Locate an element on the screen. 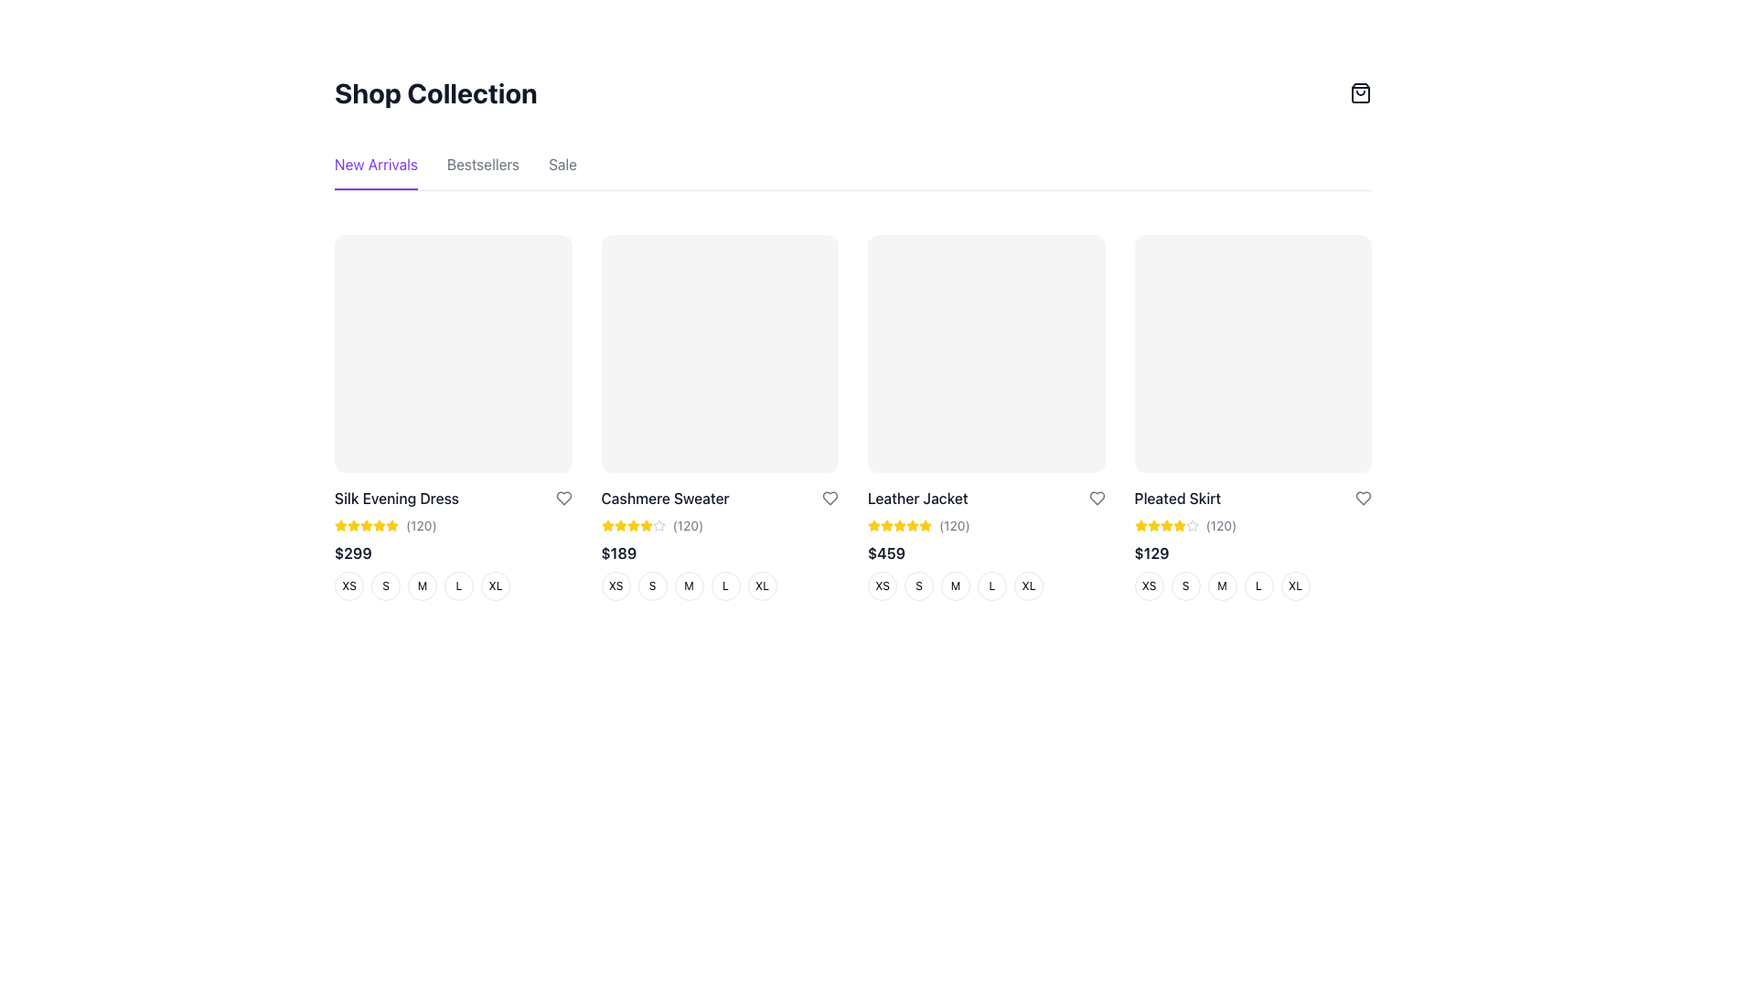 Image resolution: width=1756 pixels, height=988 pixels. the circular button with the letter 'S' that has a white background and light gray border, located below the item 'Pleated Skirt' is located at coordinates (1185, 585).